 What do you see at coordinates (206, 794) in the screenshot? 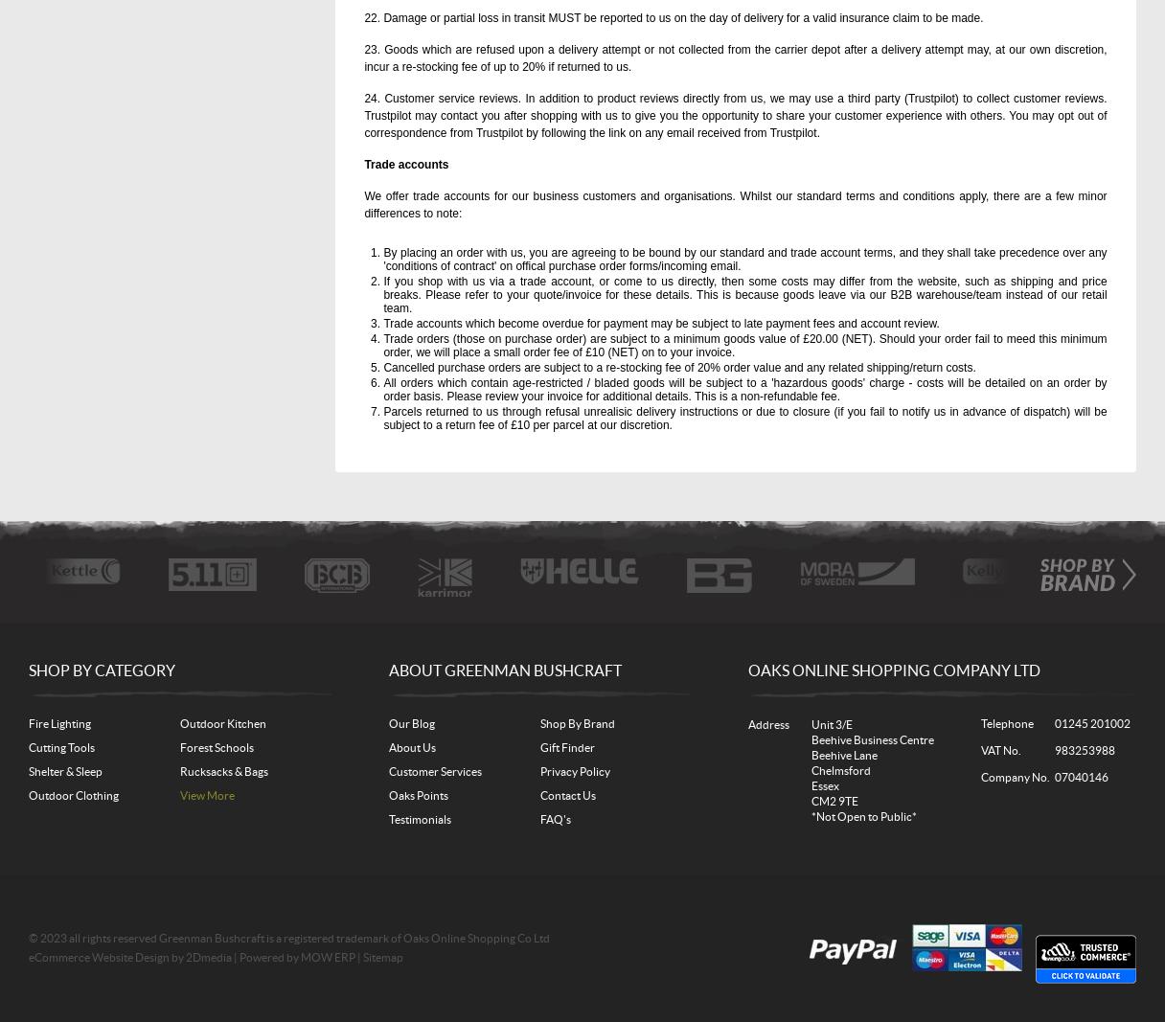
I see `'View More'` at bounding box center [206, 794].